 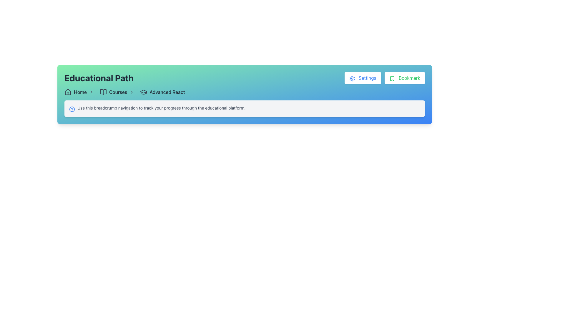 I want to click on the Breadcrumb Navigation Item labeled 'Advanced React', so click(x=162, y=92).